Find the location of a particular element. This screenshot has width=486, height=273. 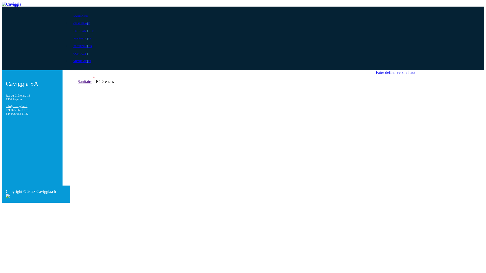

'CONTACT' is located at coordinates (79, 54).